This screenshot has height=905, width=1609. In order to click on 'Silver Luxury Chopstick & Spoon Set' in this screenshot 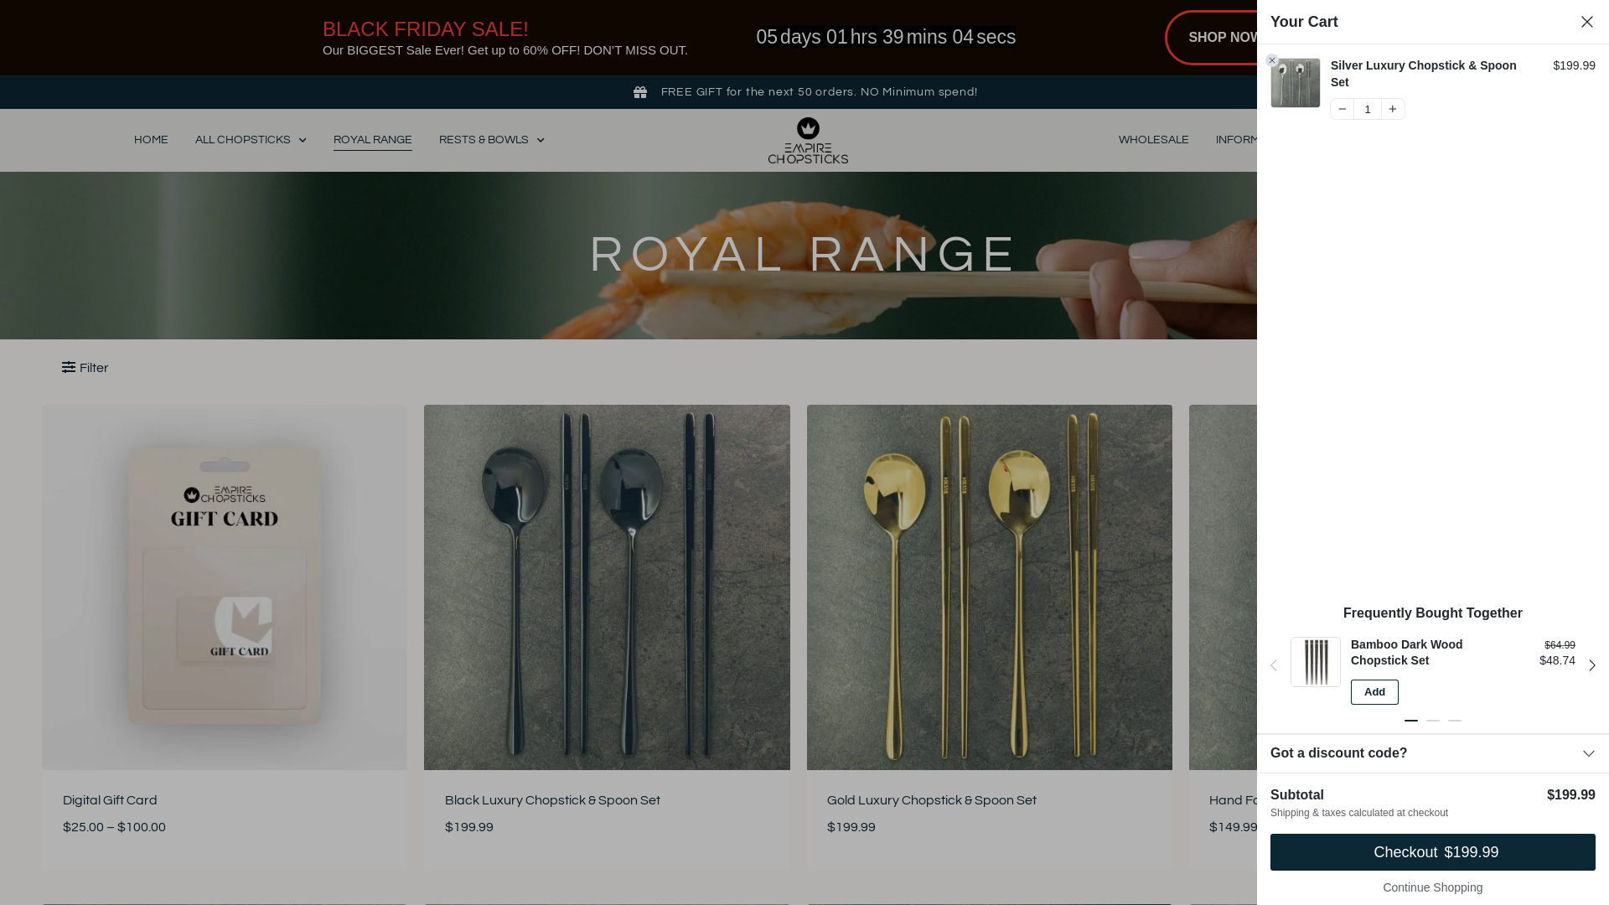, I will do `click(1330, 73)`.